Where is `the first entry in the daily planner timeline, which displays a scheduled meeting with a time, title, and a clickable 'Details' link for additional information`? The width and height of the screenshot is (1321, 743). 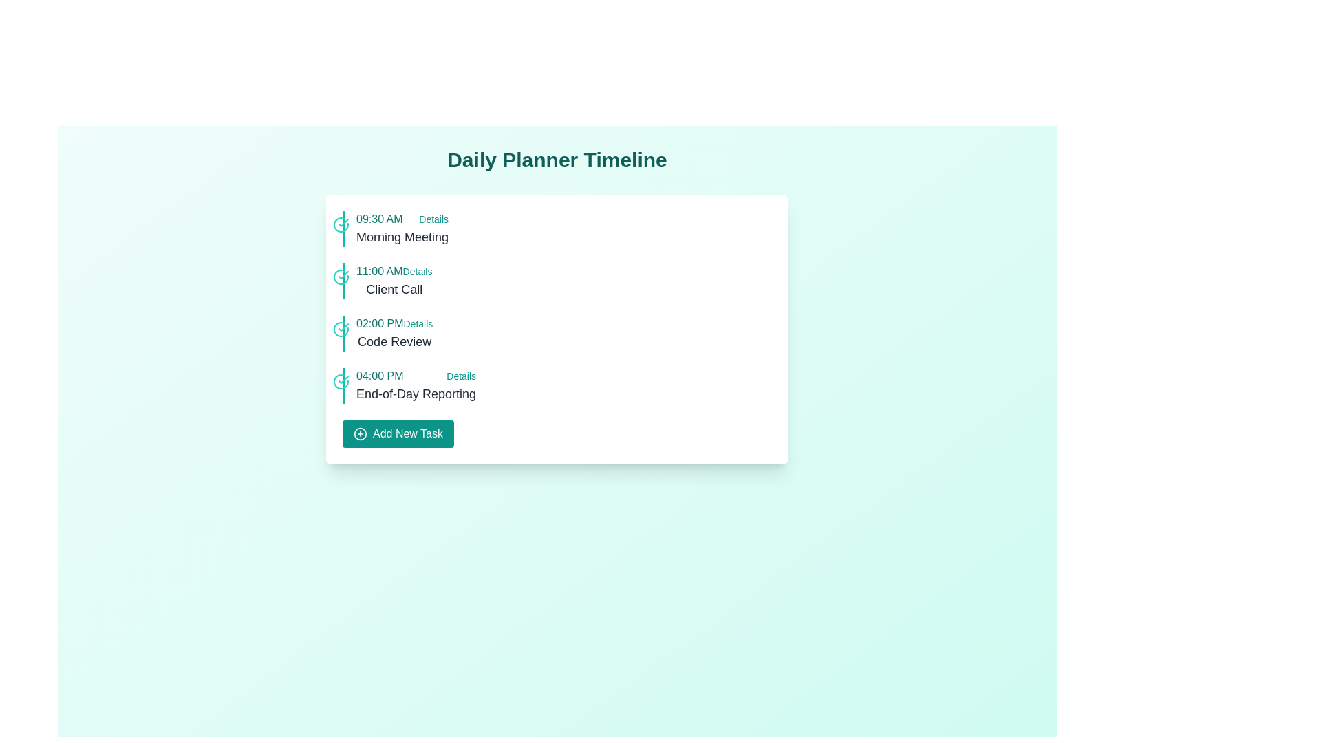 the first entry in the daily planner timeline, which displays a scheduled meeting with a time, title, and a clickable 'Details' link for additional information is located at coordinates (402, 228).